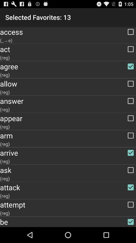 Image resolution: width=136 pixels, height=243 pixels. What do you see at coordinates (68, 170) in the screenshot?
I see `the ask checkbox` at bounding box center [68, 170].